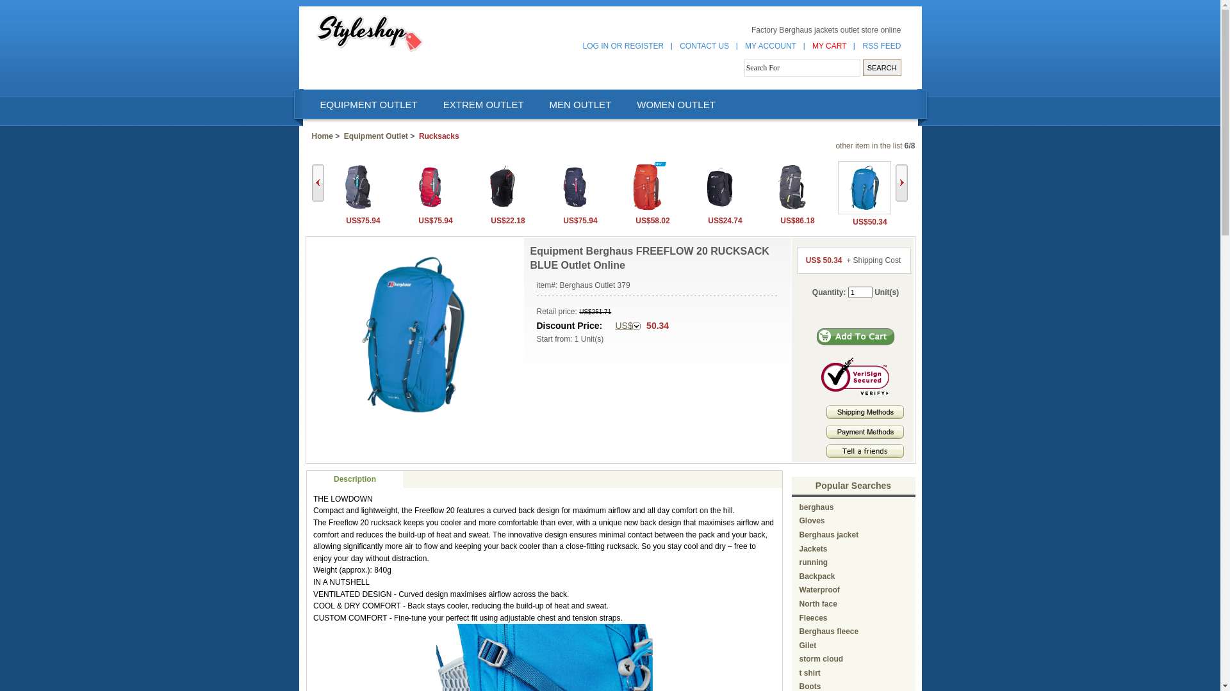 Image resolution: width=1230 pixels, height=691 pixels. I want to click on 'Payment methods', so click(865, 436).